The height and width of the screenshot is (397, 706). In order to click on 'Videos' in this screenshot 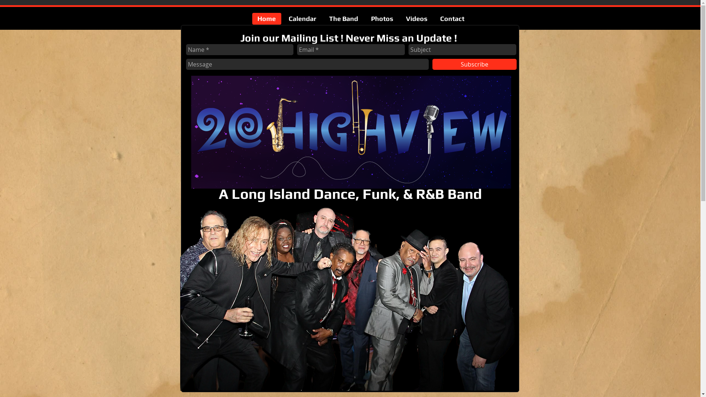, I will do `click(417, 18)`.